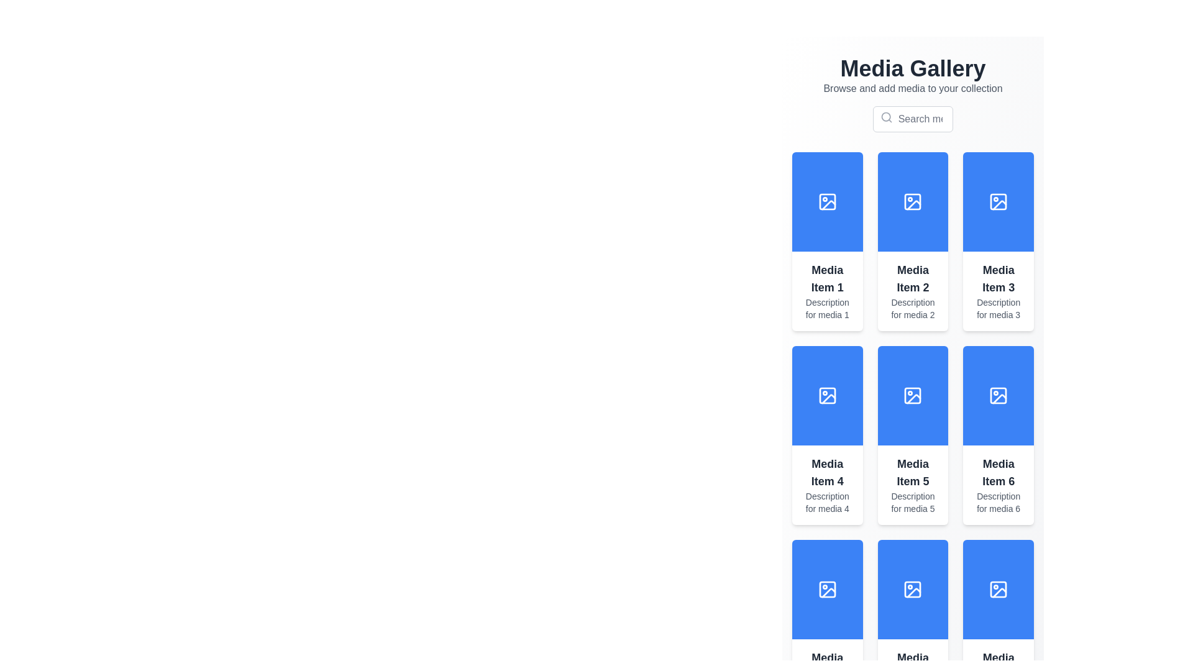 This screenshot has height=671, width=1193. What do you see at coordinates (827, 278) in the screenshot?
I see `the static text label element displaying 'Media Item 1', which is styled in large bold font and located above the description text` at bounding box center [827, 278].